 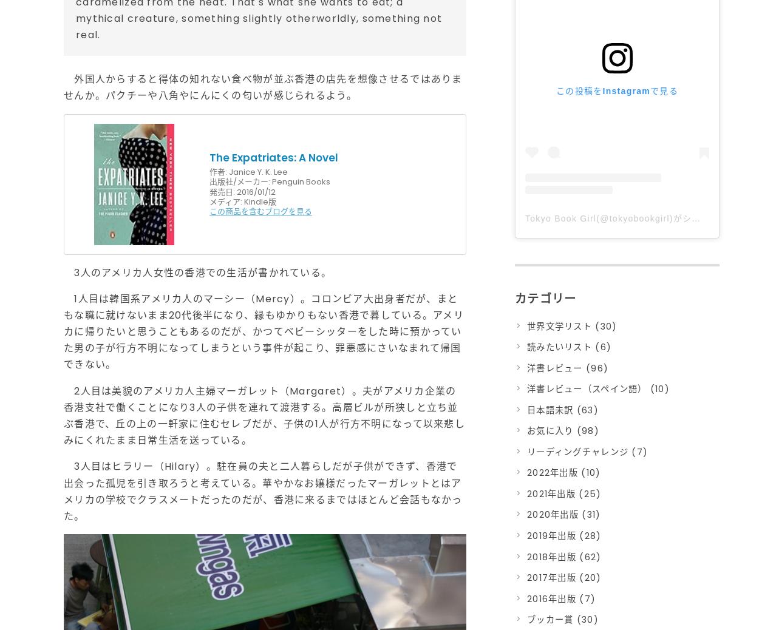 What do you see at coordinates (63, 415) in the screenshot?
I see `'2人目は美貌のアメリカ人主婦マーガレット（Margaret）。夫がアメリカ企業の香港支社で働くことになり3人の子供を連れて渡港する。高層ビルが所狭しと立ち並ぶ香港で、丘の上の一軒家に住むセレブだが、子供の1人が行方不明になって以来悲しみにくれたまま日常生活を送っている。'` at bounding box center [63, 415].